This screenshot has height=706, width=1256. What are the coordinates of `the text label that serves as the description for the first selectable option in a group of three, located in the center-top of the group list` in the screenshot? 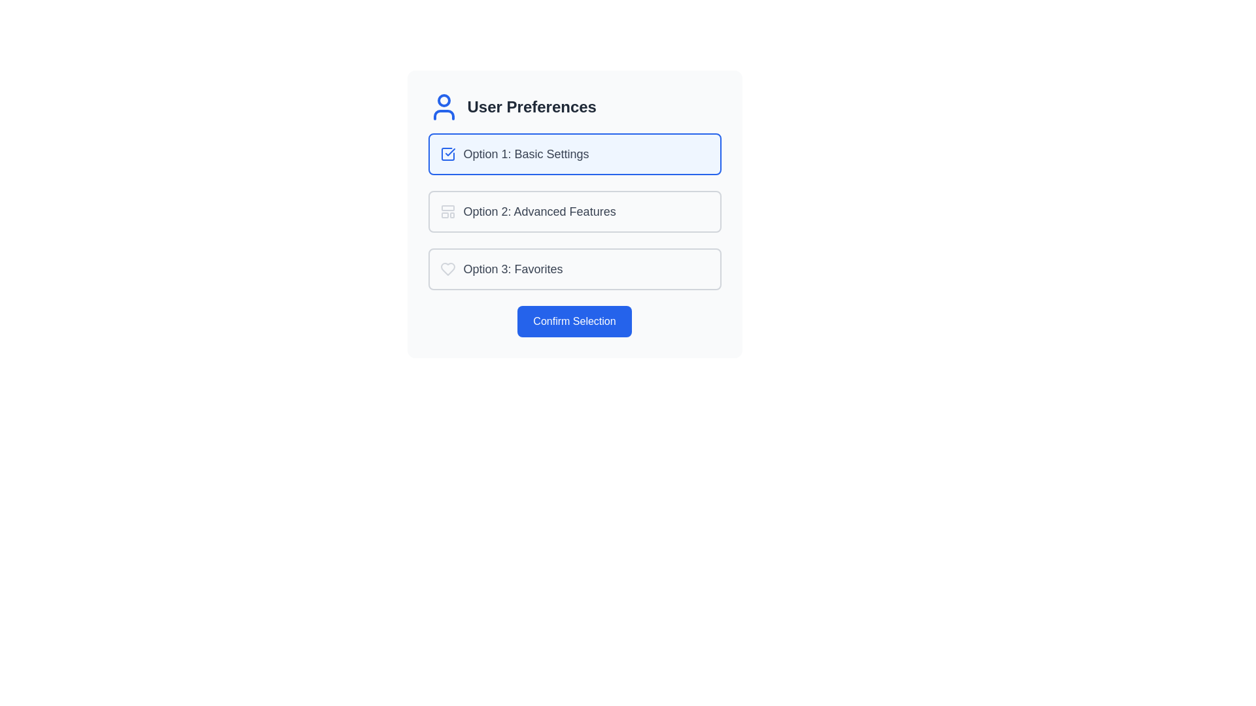 It's located at (526, 153).